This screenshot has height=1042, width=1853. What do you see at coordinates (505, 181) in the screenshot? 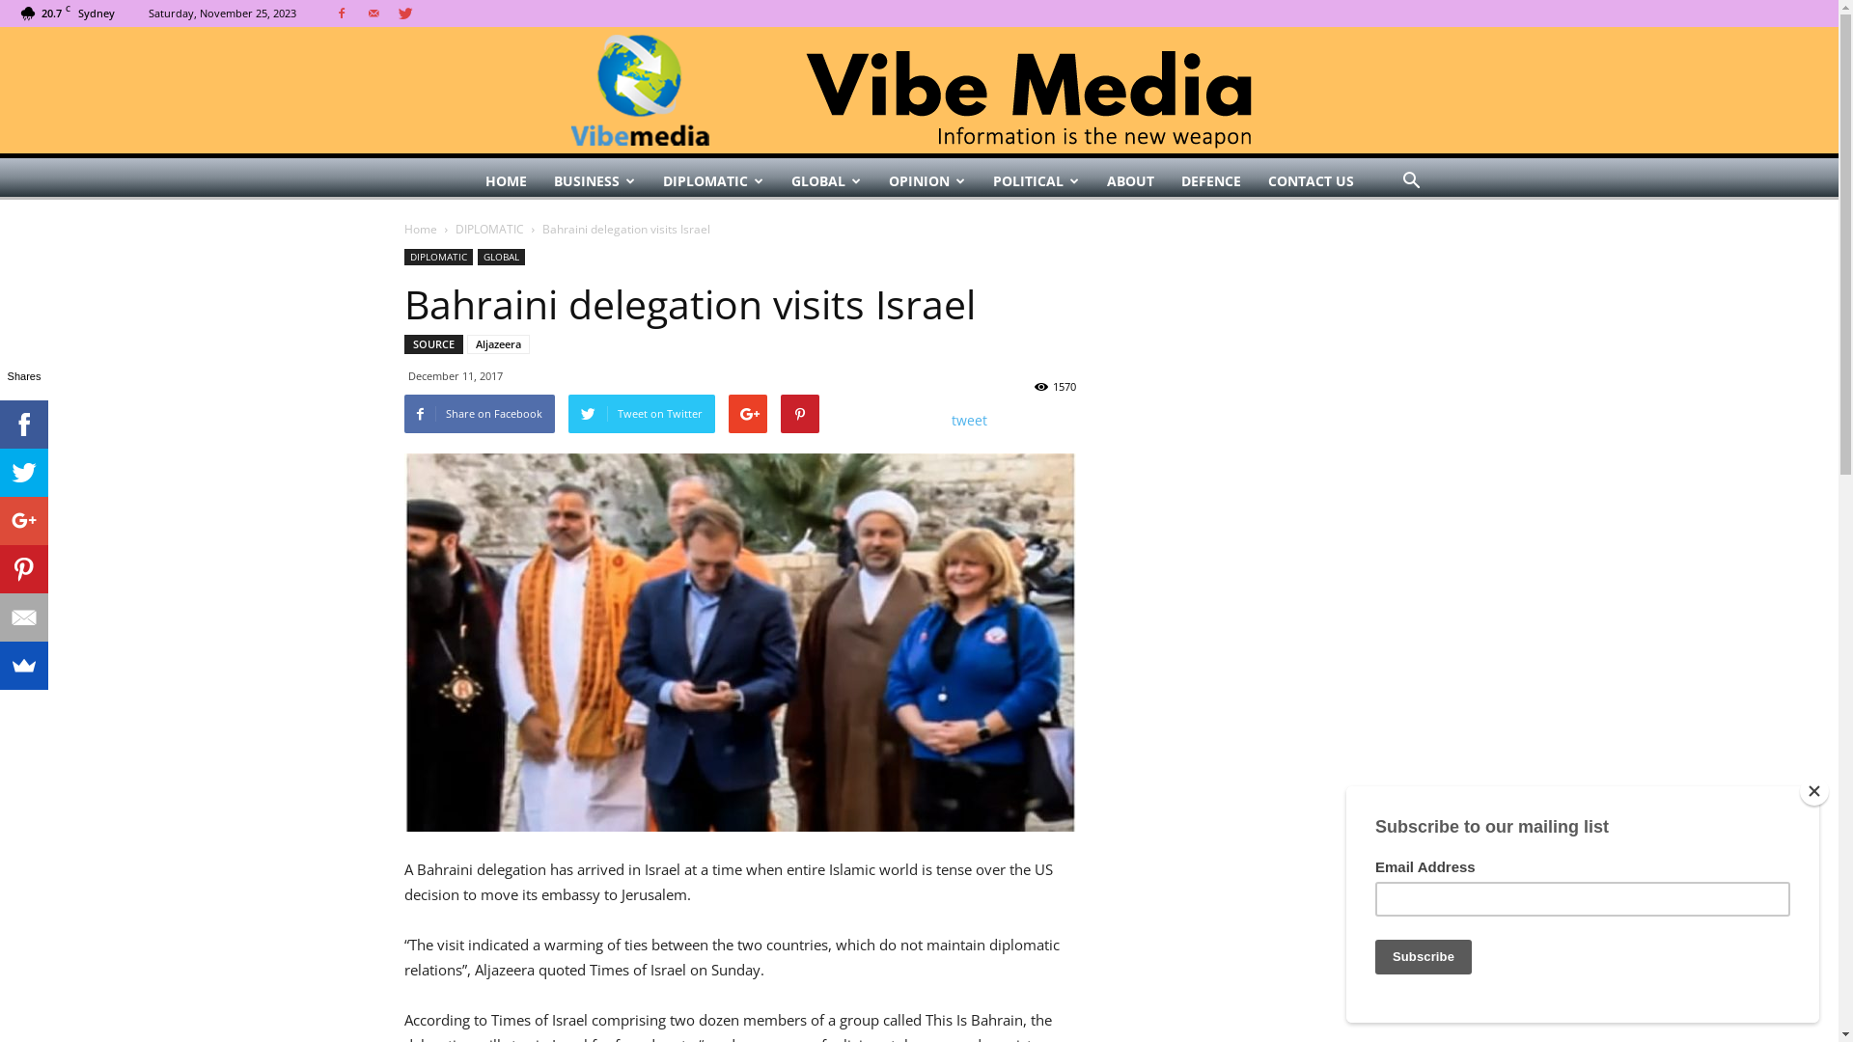
I see `'HOME'` at bounding box center [505, 181].